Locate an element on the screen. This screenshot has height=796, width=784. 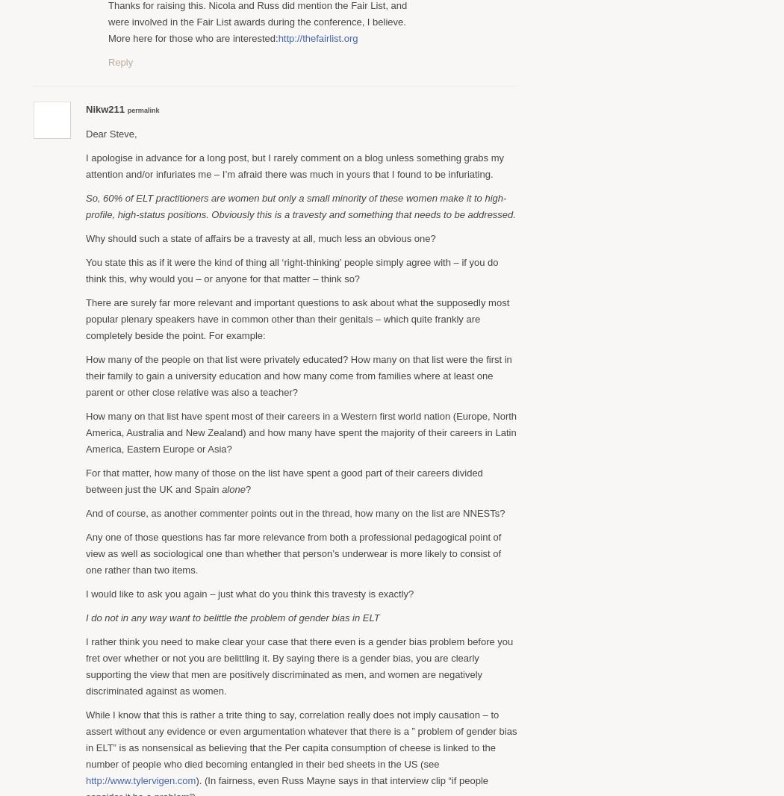
'Dear Steve,' is located at coordinates (110, 132).